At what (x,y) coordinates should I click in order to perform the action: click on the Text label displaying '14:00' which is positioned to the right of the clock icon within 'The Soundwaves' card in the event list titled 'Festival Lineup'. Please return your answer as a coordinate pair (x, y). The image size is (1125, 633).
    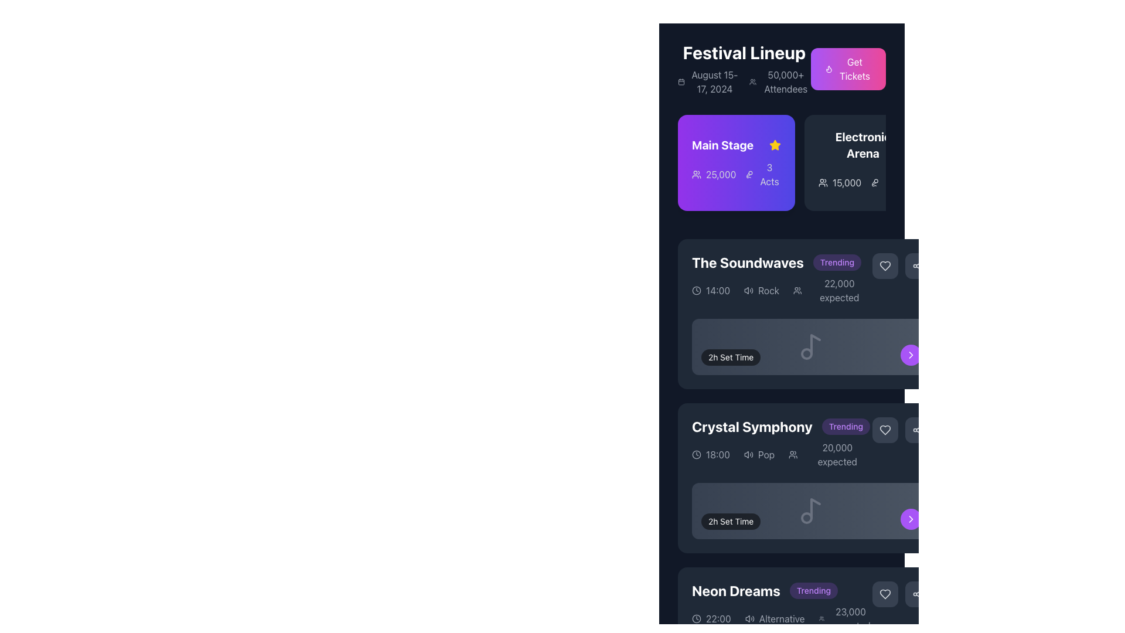
    Looking at the image, I should click on (717, 290).